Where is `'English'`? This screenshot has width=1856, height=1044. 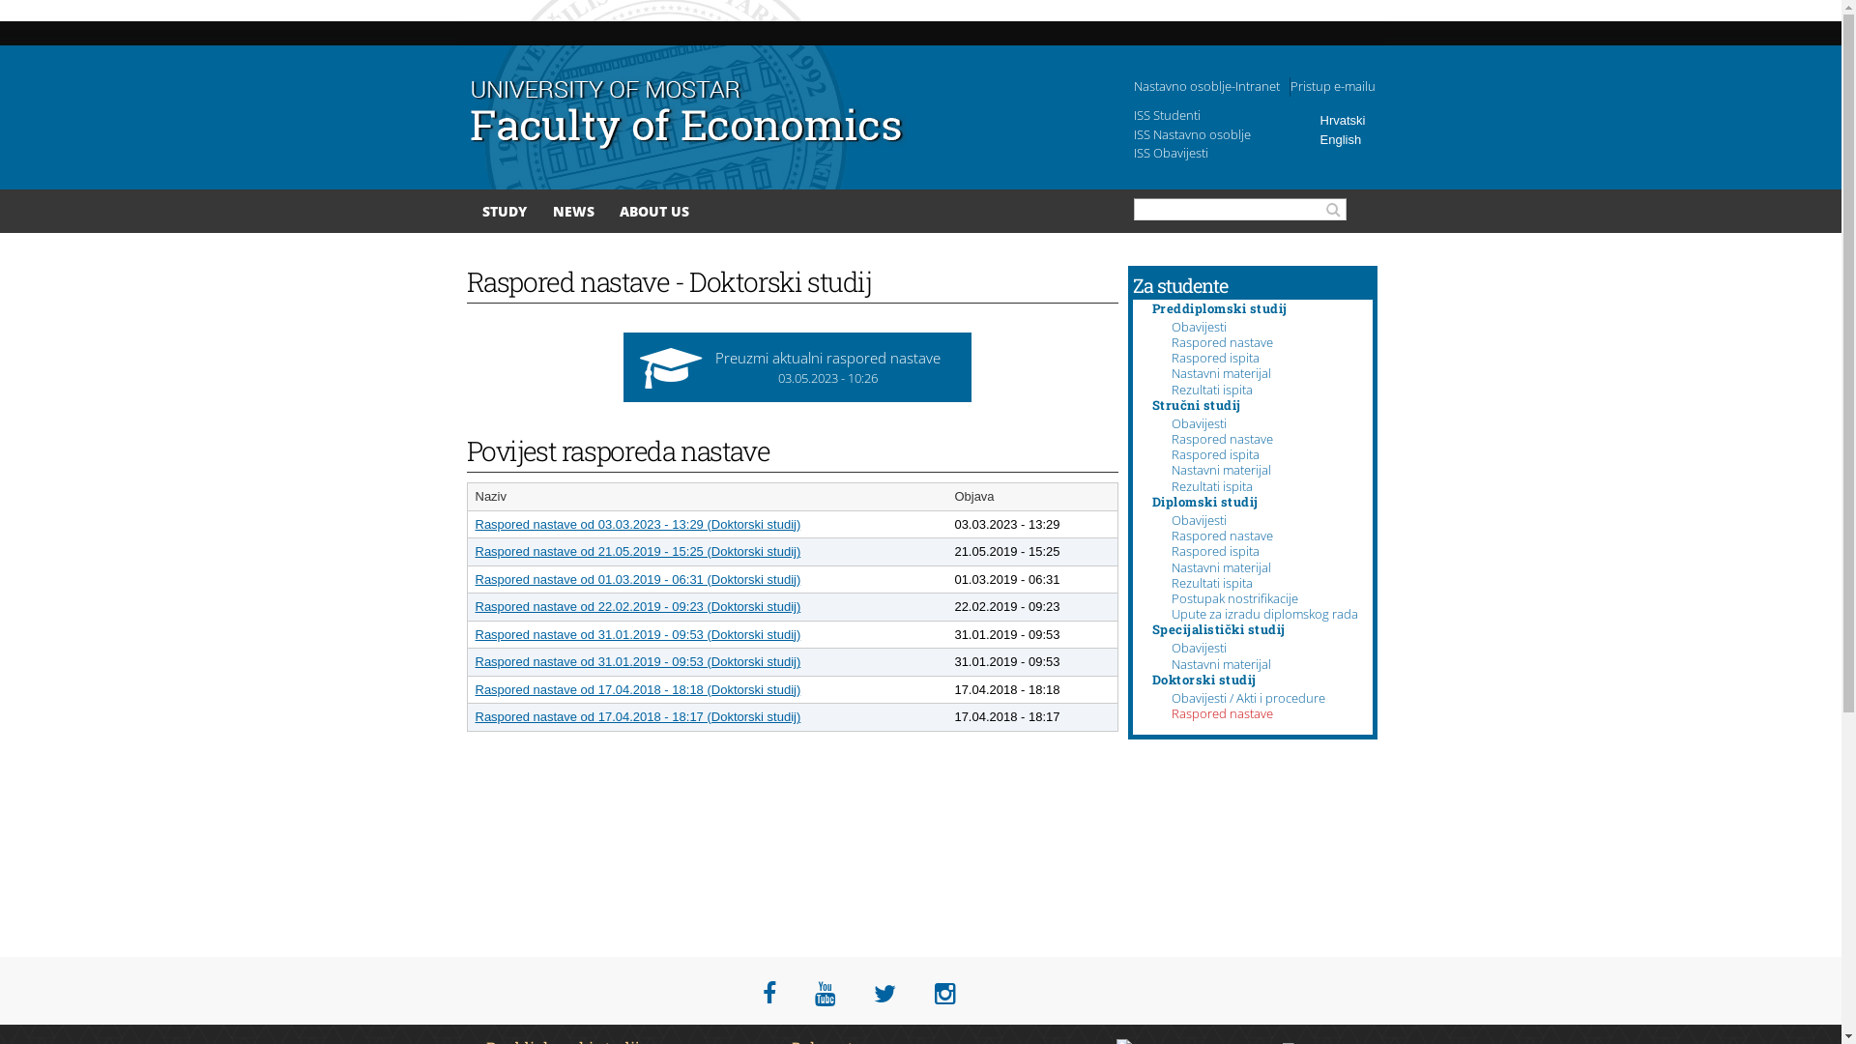 'English' is located at coordinates (1340, 137).